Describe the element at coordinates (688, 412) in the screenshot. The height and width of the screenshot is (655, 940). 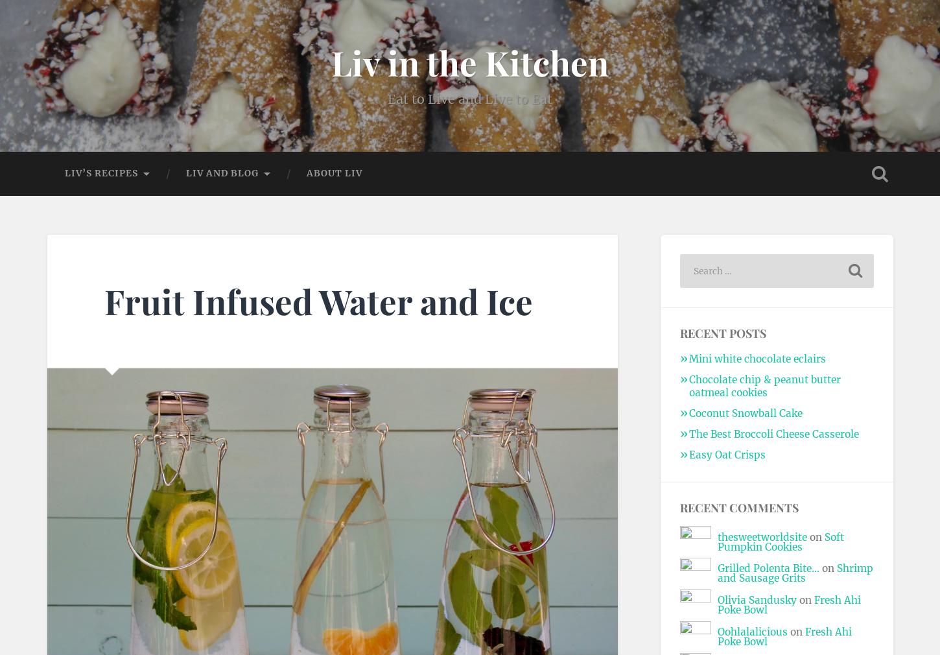
I see `'Coconut Snowball Cake'` at that location.